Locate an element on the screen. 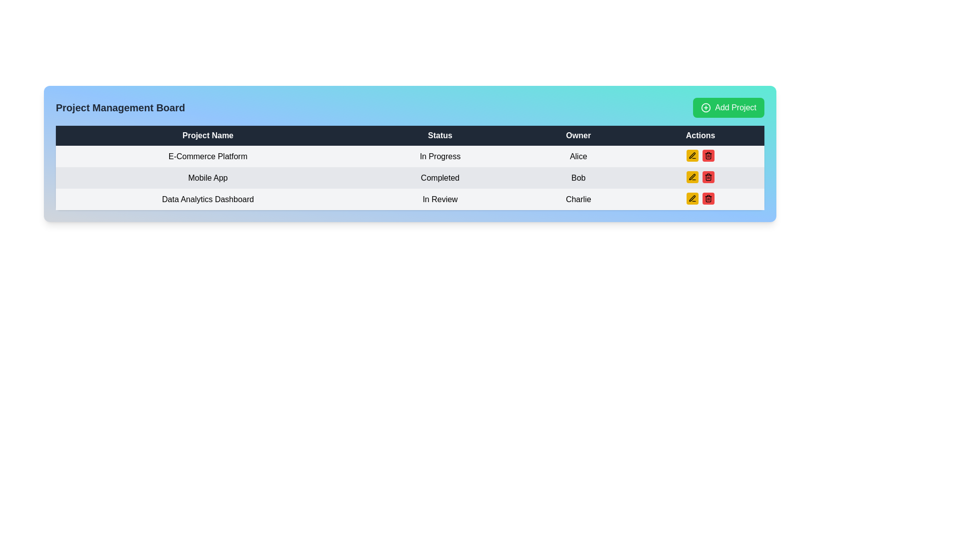 Image resolution: width=958 pixels, height=539 pixels. the trash bin icon button located in the 'Actions' column of the table is located at coordinates (708, 156).